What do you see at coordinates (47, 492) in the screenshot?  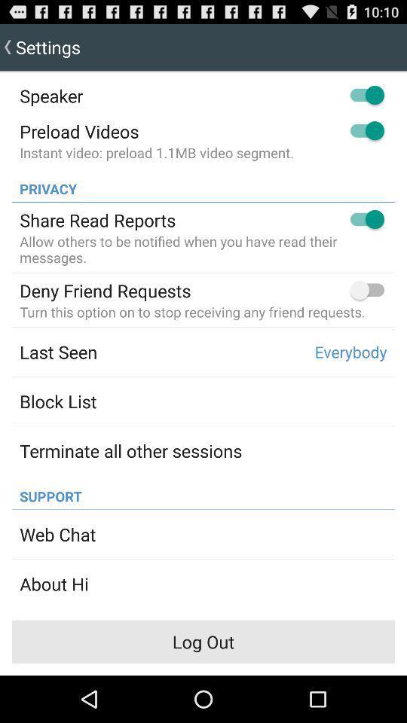 I see `the app below the terminate all other icon` at bounding box center [47, 492].